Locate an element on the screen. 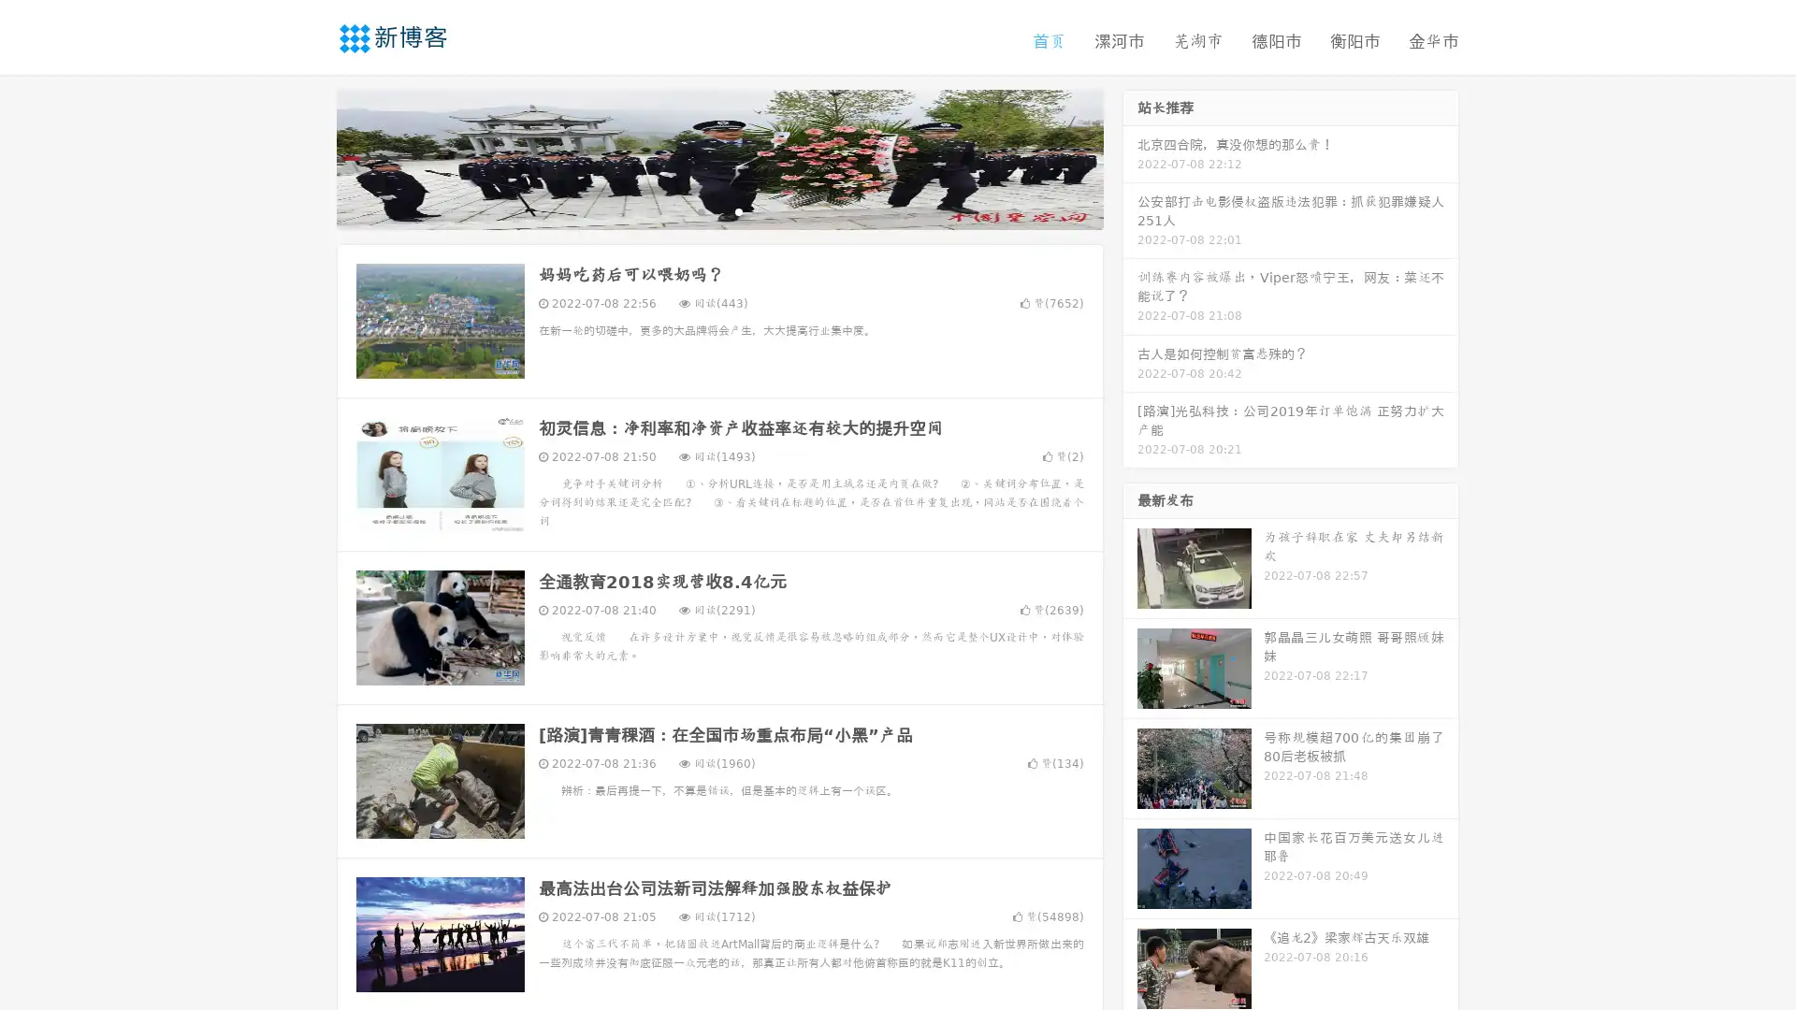 The image size is (1796, 1010). Go to slide 1 is located at coordinates (700, 210).